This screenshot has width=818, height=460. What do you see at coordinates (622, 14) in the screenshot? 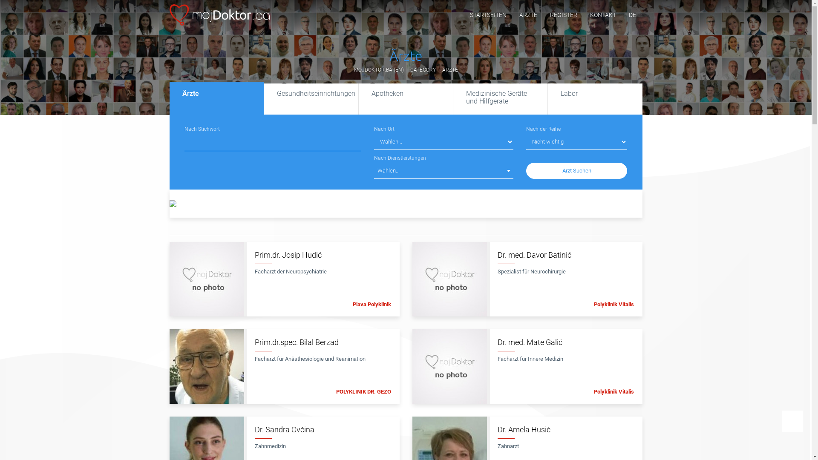
I see `'DE'` at bounding box center [622, 14].